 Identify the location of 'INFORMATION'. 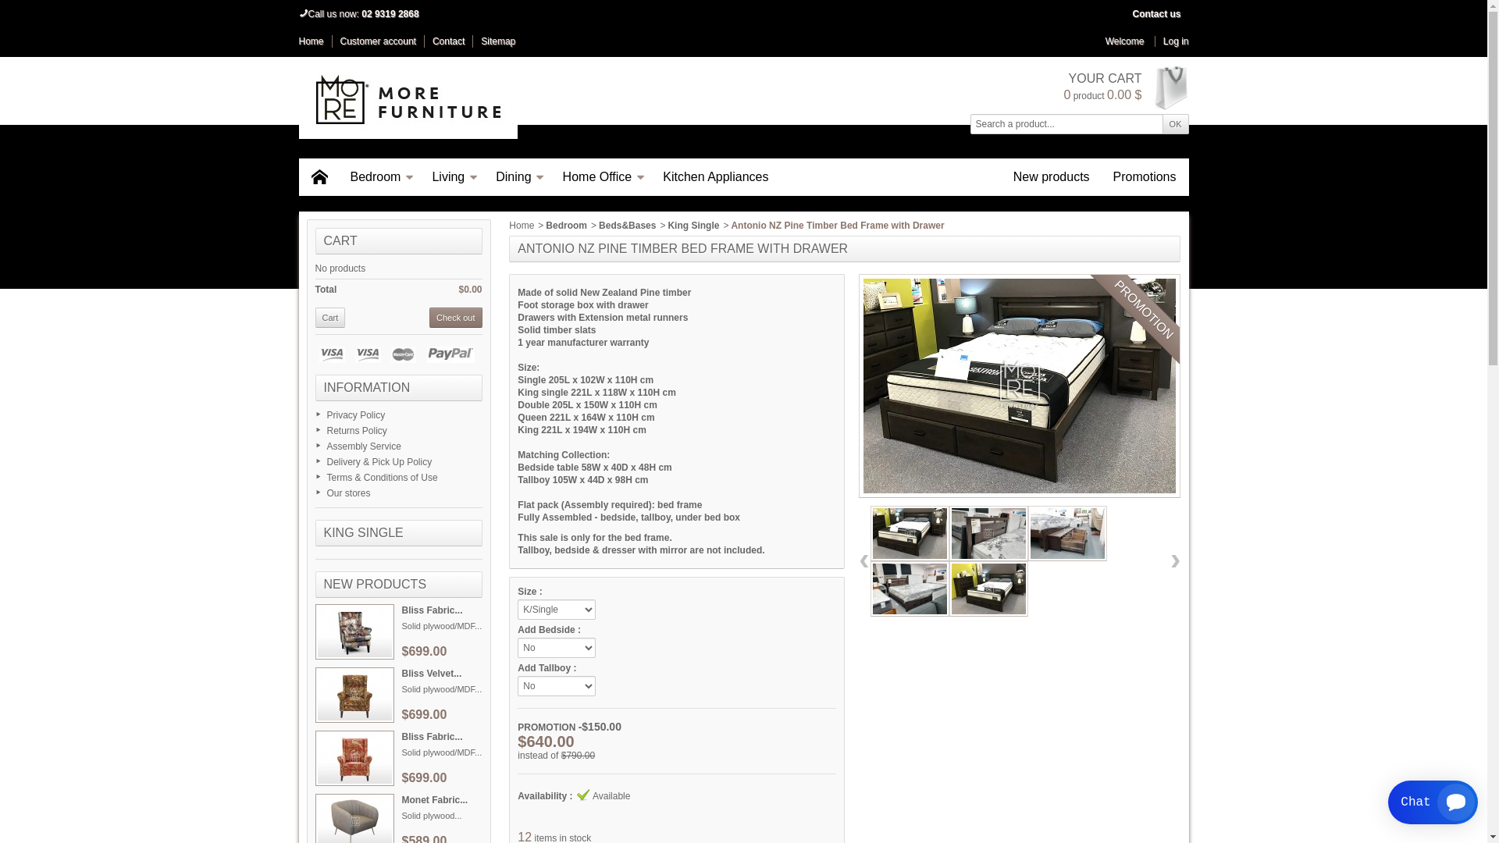
(365, 386).